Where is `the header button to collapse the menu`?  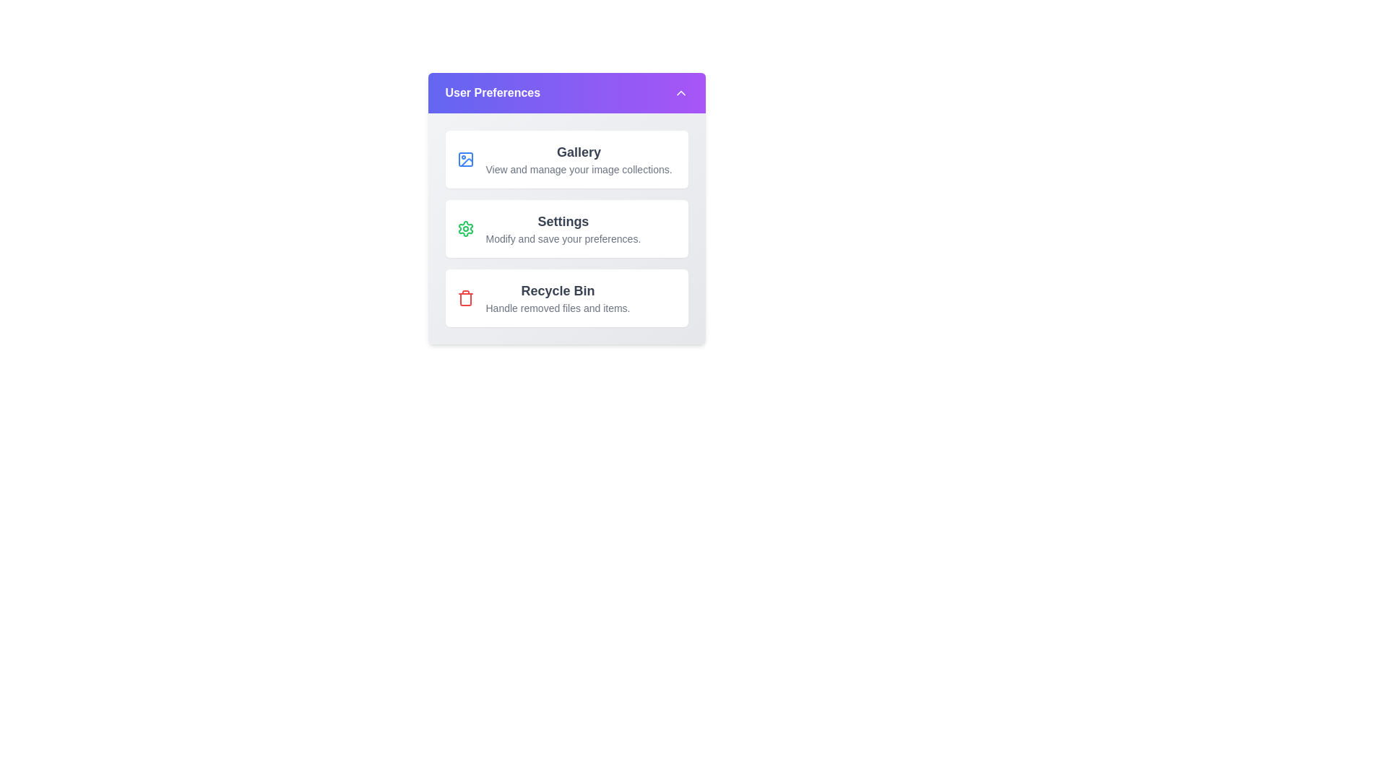
the header button to collapse the menu is located at coordinates (566, 92).